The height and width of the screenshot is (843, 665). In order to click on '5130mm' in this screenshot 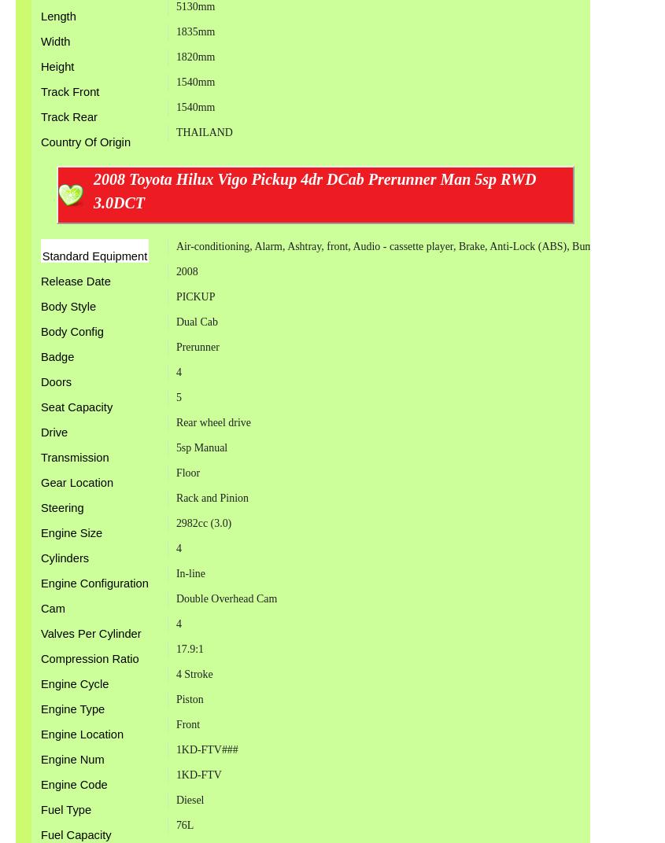, I will do `click(174, 6)`.